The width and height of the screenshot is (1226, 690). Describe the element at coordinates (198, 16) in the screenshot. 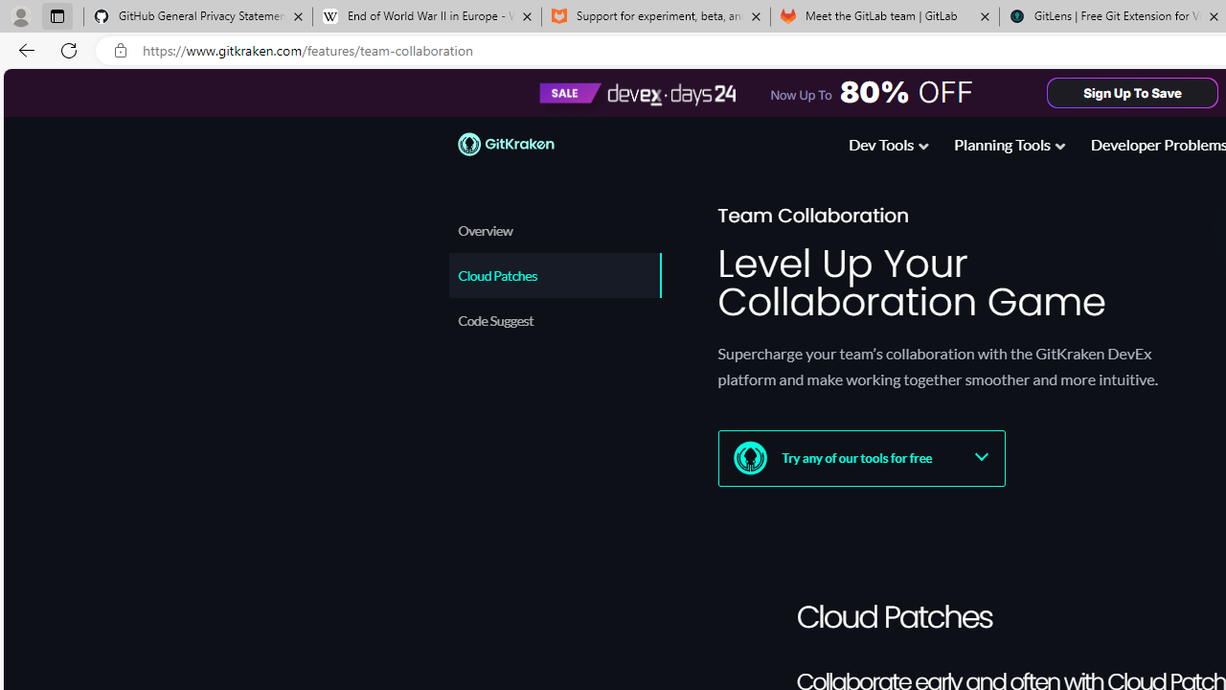

I see `'GitHub General Privacy Statement - GitHub Docs'` at that location.